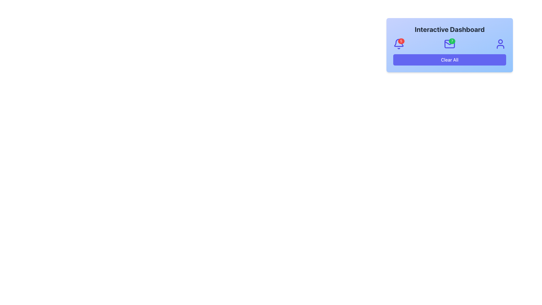 The image size is (542, 305). What do you see at coordinates (500, 41) in the screenshot?
I see `the SVG Circle Element representing the user icon, located at the top-right corner of the dashboard interface` at bounding box center [500, 41].